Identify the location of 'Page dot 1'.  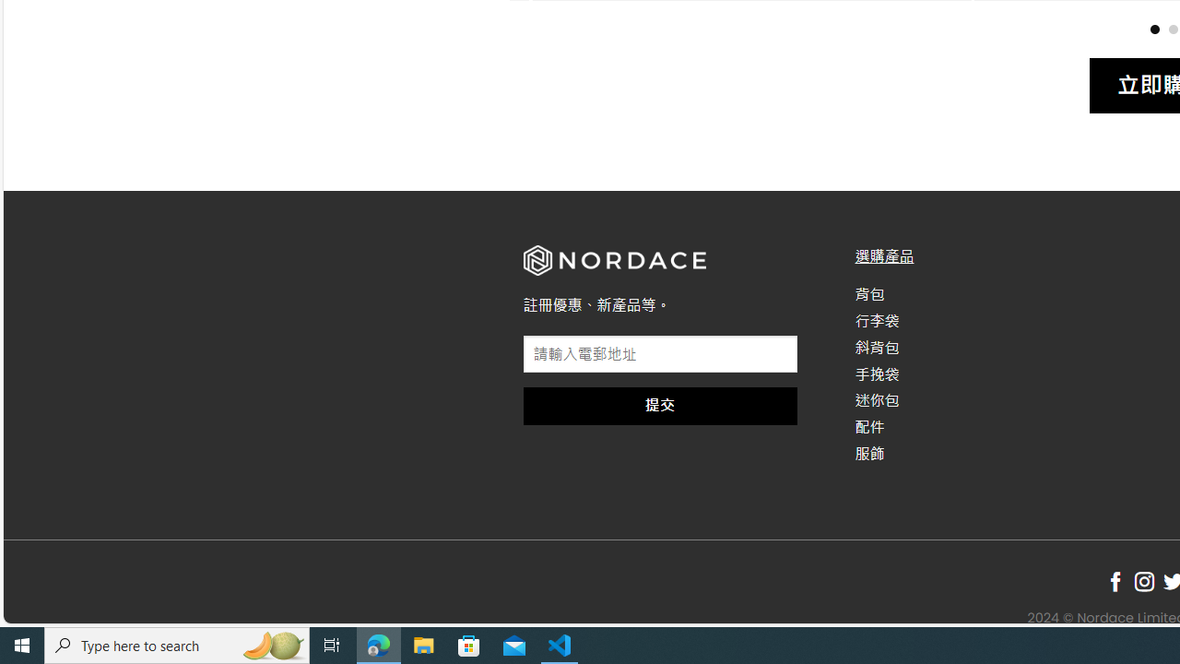
(1153, 29).